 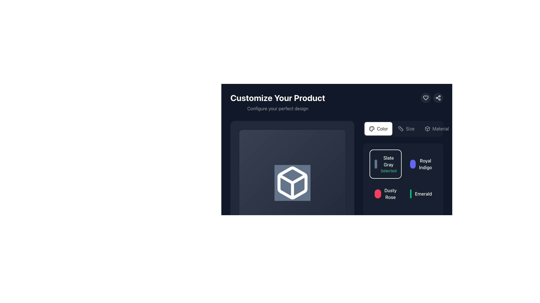 What do you see at coordinates (421, 164) in the screenshot?
I see `the 'Royal Indigo' selectable color option in the color selector panel using keyboard navigation` at bounding box center [421, 164].